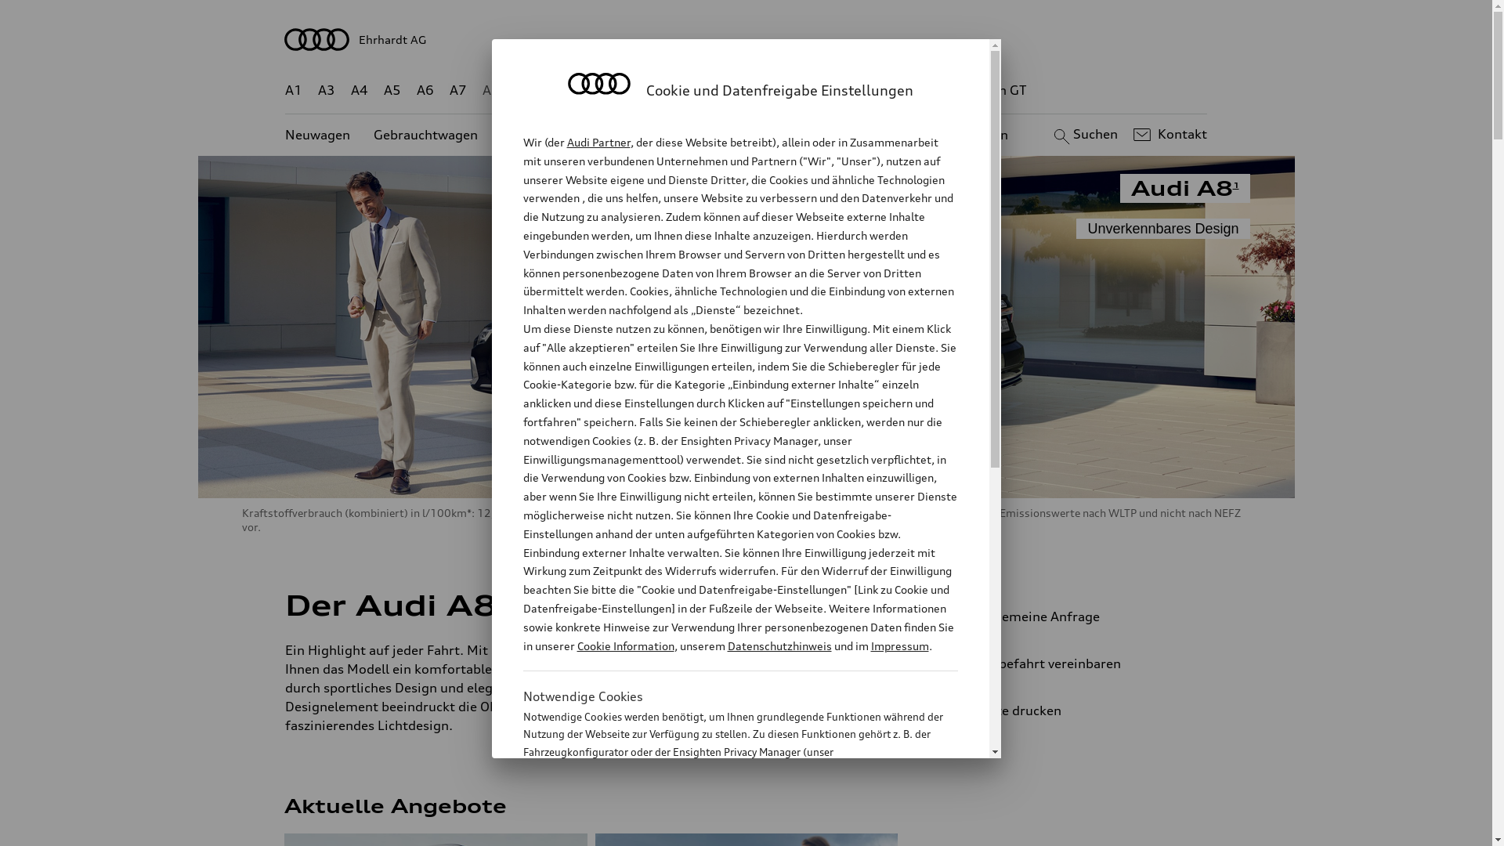 The height and width of the screenshot is (846, 1504). I want to click on 'Suchen', so click(1083, 134).